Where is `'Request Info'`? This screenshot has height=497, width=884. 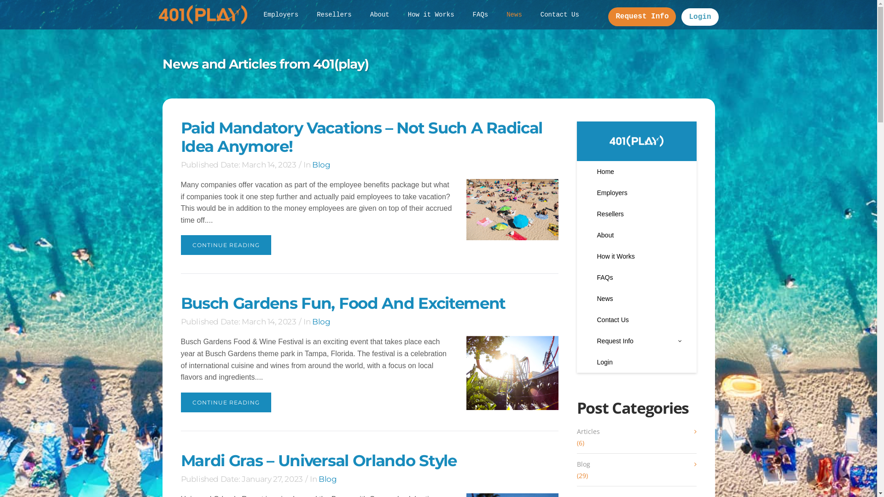
'Request Info' is located at coordinates (641, 17).